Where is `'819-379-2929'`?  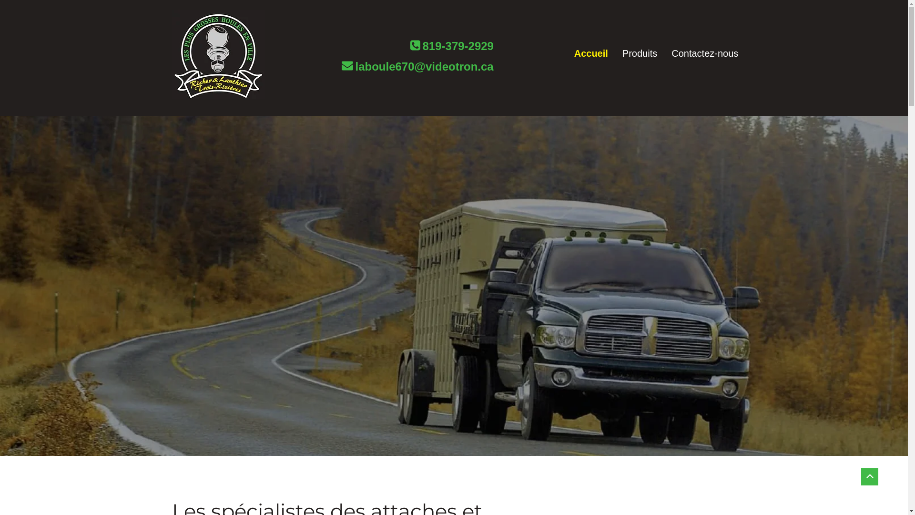 '819-379-2929' is located at coordinates (457, 48).